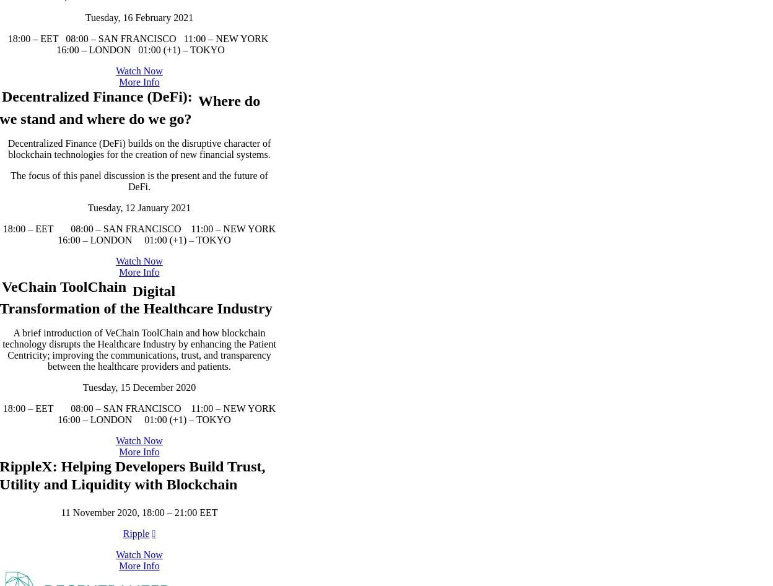  Describe the element at coordinates (139, 305) in the screenshot. I see `'The focus of this panel discussion is the present and the future of DeFi.'` at that location.